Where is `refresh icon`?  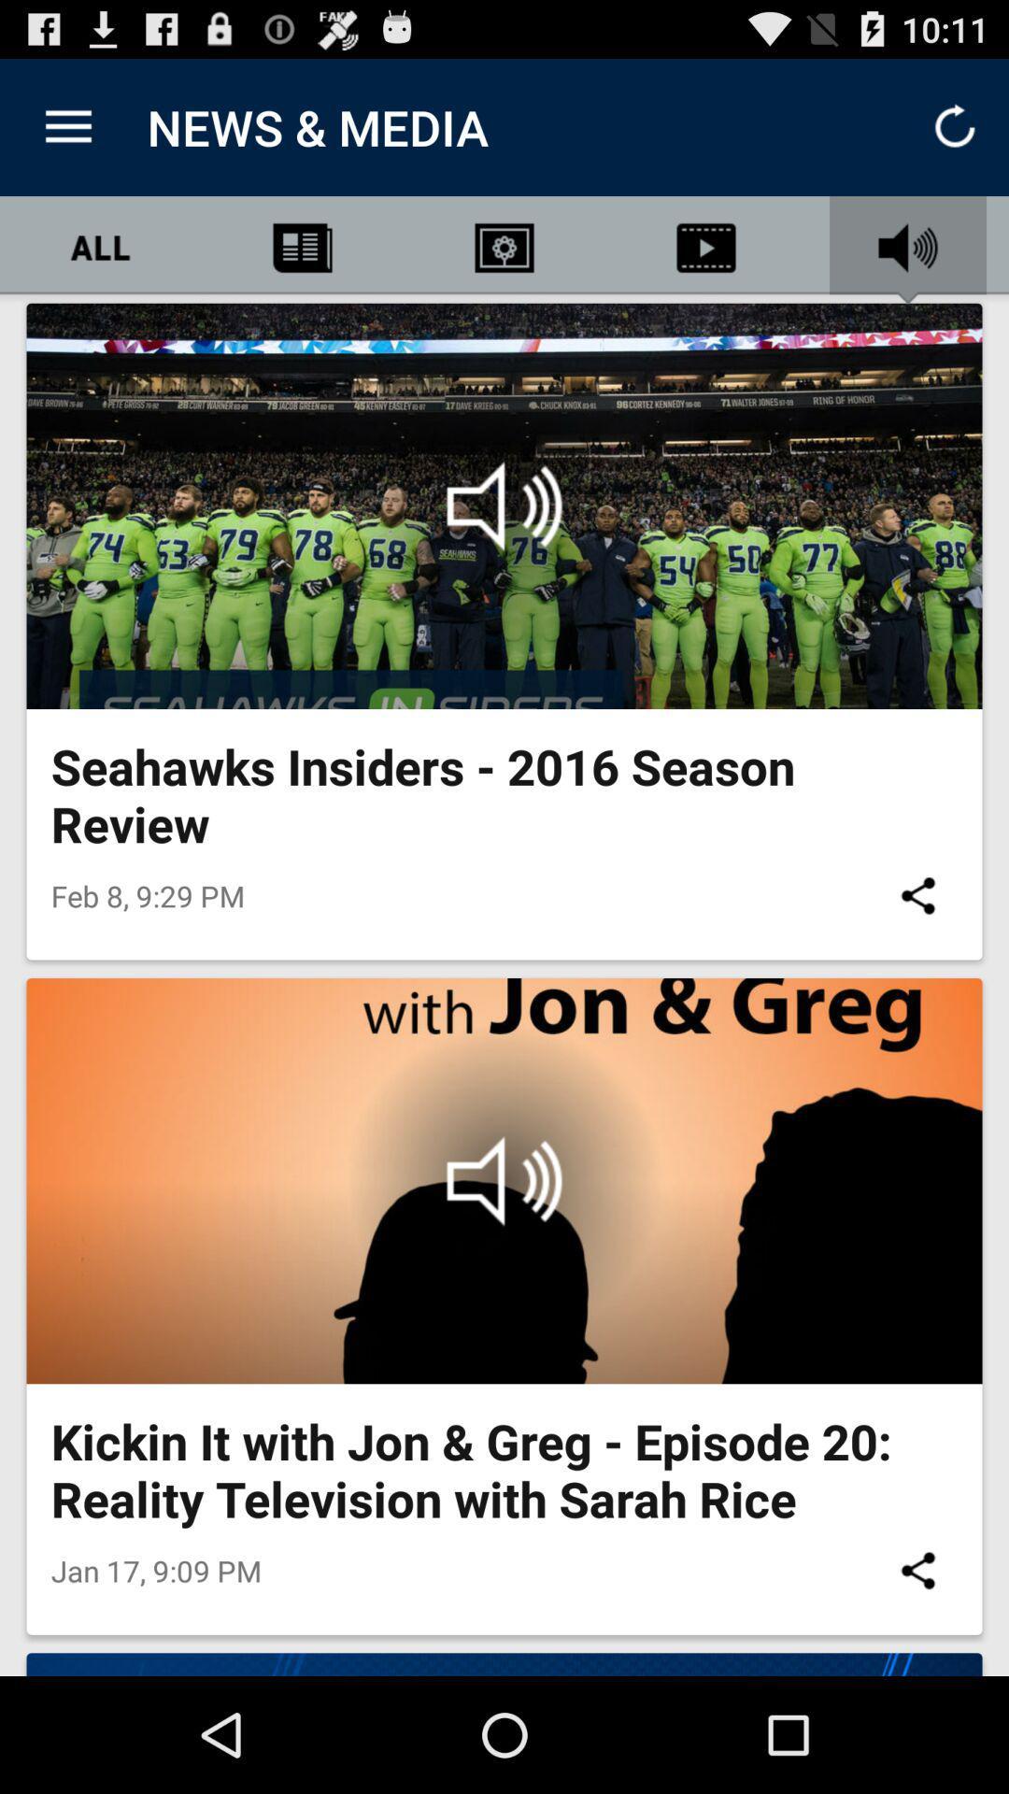
refresh icon is located at coordinates (955, 126).